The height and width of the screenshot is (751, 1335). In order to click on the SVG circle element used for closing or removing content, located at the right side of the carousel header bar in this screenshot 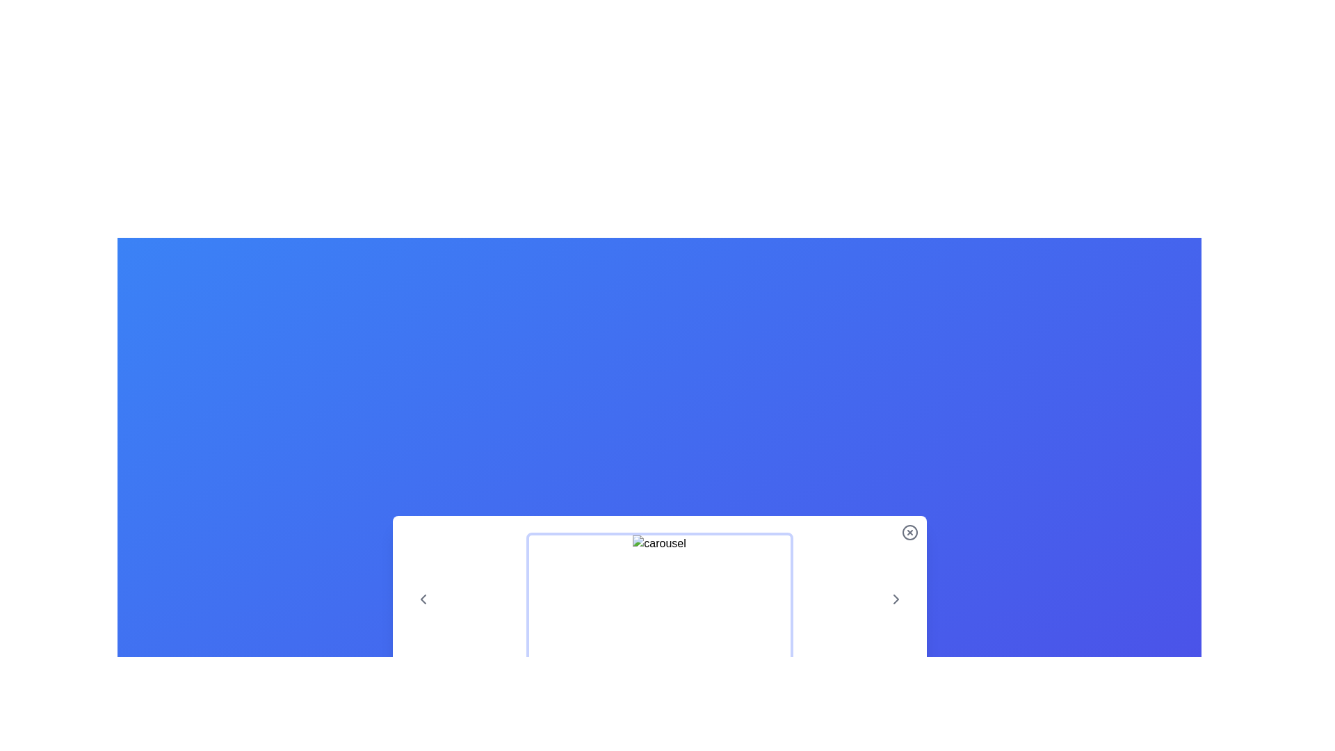, I will do `click(909, 532)`.